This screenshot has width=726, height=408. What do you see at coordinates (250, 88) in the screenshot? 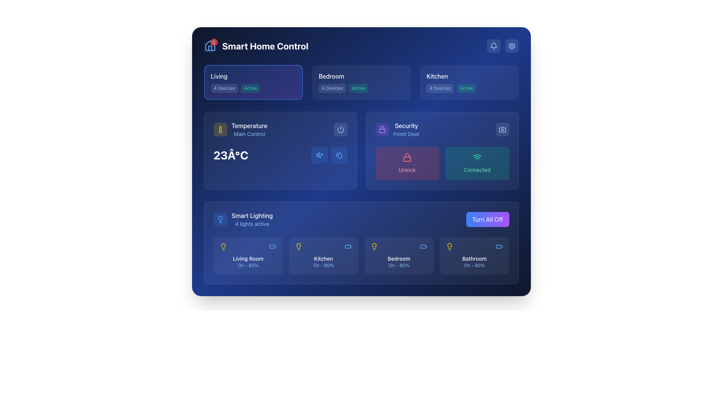
I see `the Status Indicator Badge located immediately to the right of the '4 Devices' badge within the 'Living' section, indicating the active status of the associated system or component` at bounding box center [250, 88].